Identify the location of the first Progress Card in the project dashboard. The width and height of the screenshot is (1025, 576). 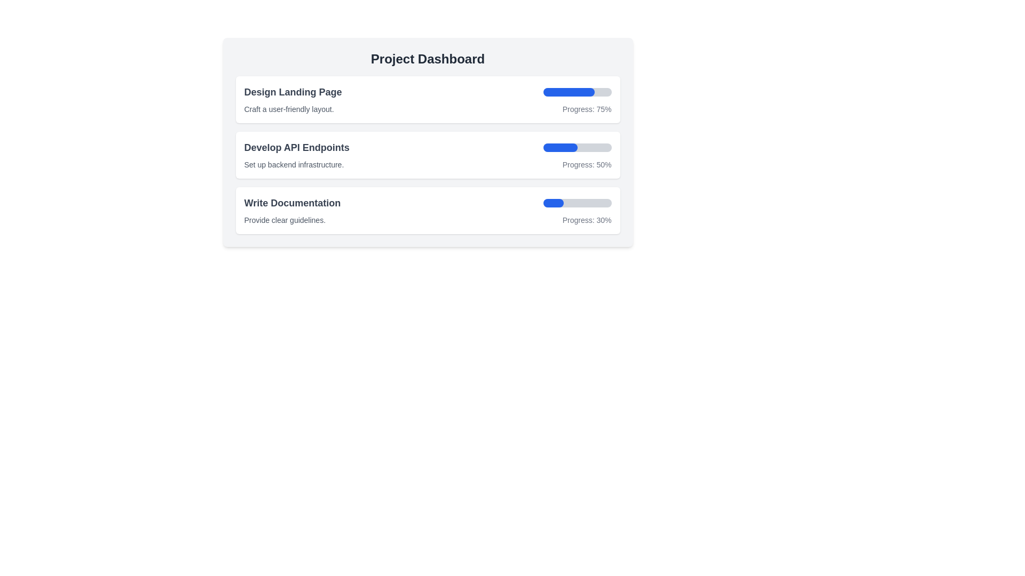
(428, 99).